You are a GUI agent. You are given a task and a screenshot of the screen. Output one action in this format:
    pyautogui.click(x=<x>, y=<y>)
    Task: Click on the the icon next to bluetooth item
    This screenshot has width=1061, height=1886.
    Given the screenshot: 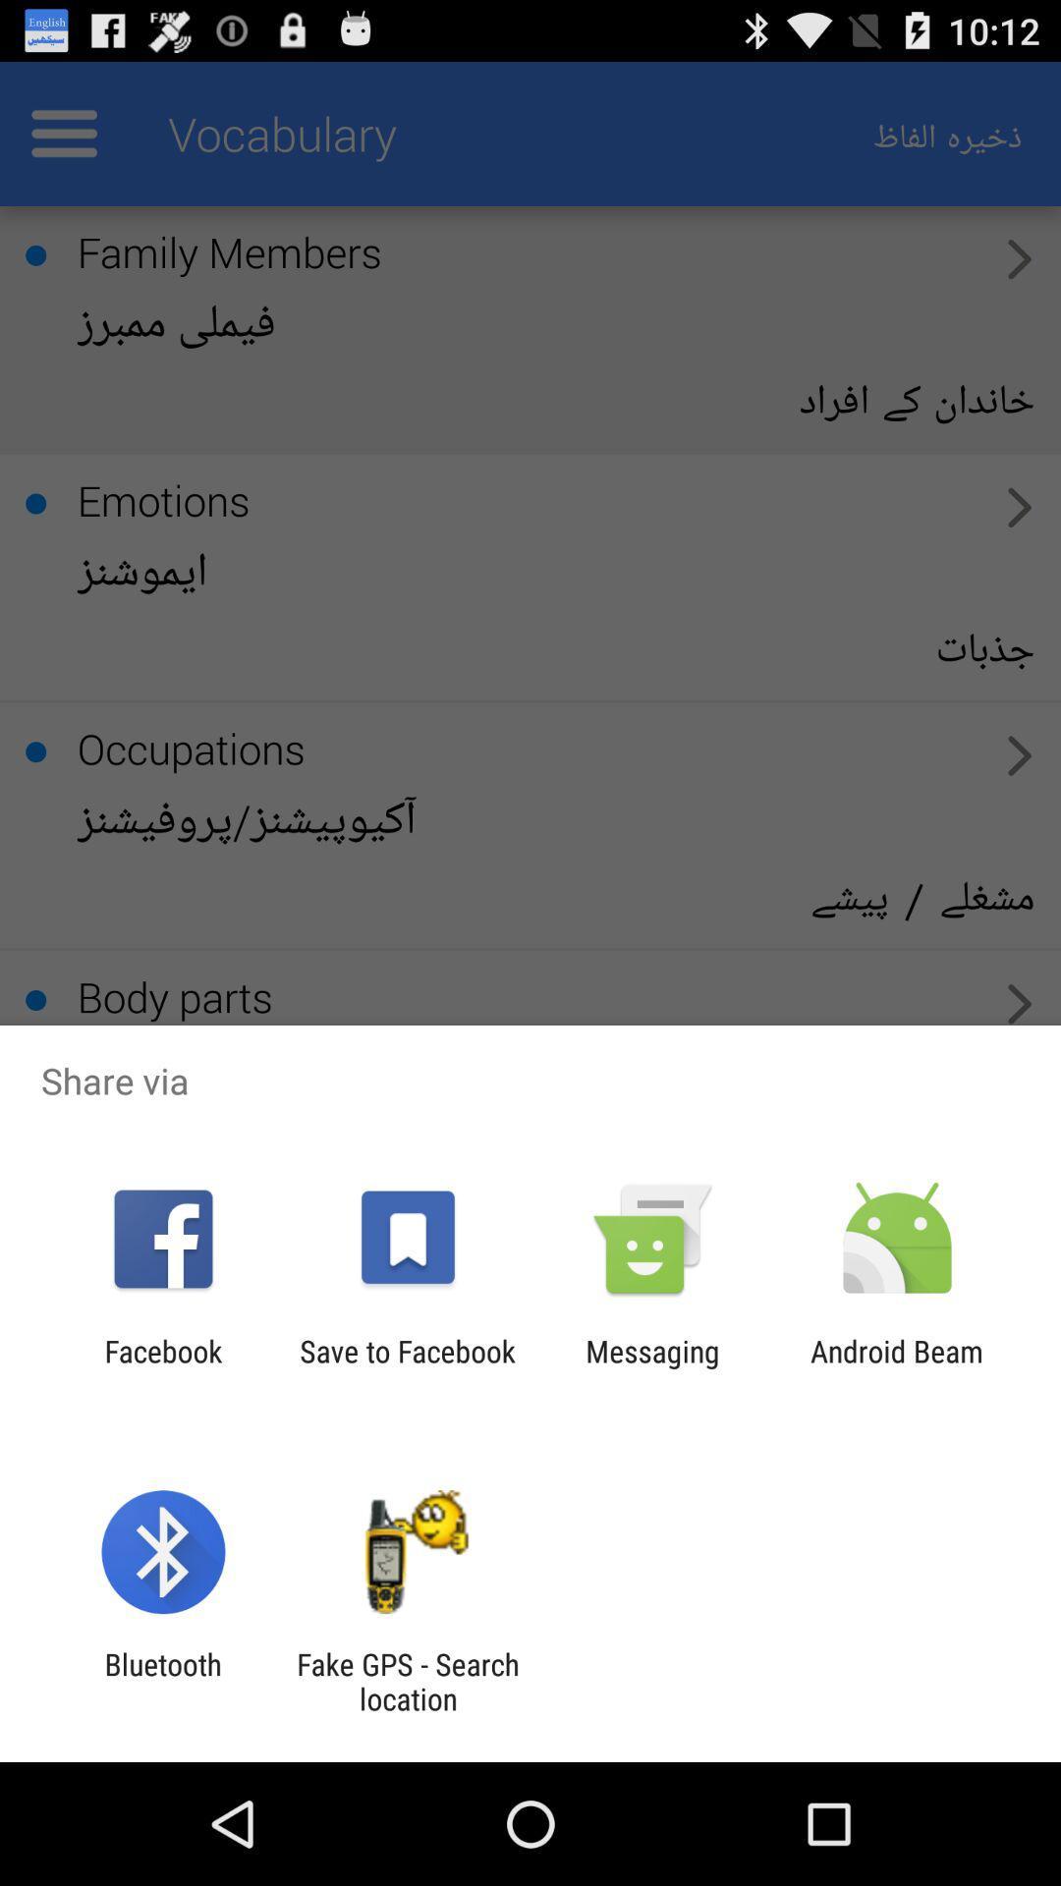 What is the action you would take?
    pyautogui.click(x=407, y=1681)
    